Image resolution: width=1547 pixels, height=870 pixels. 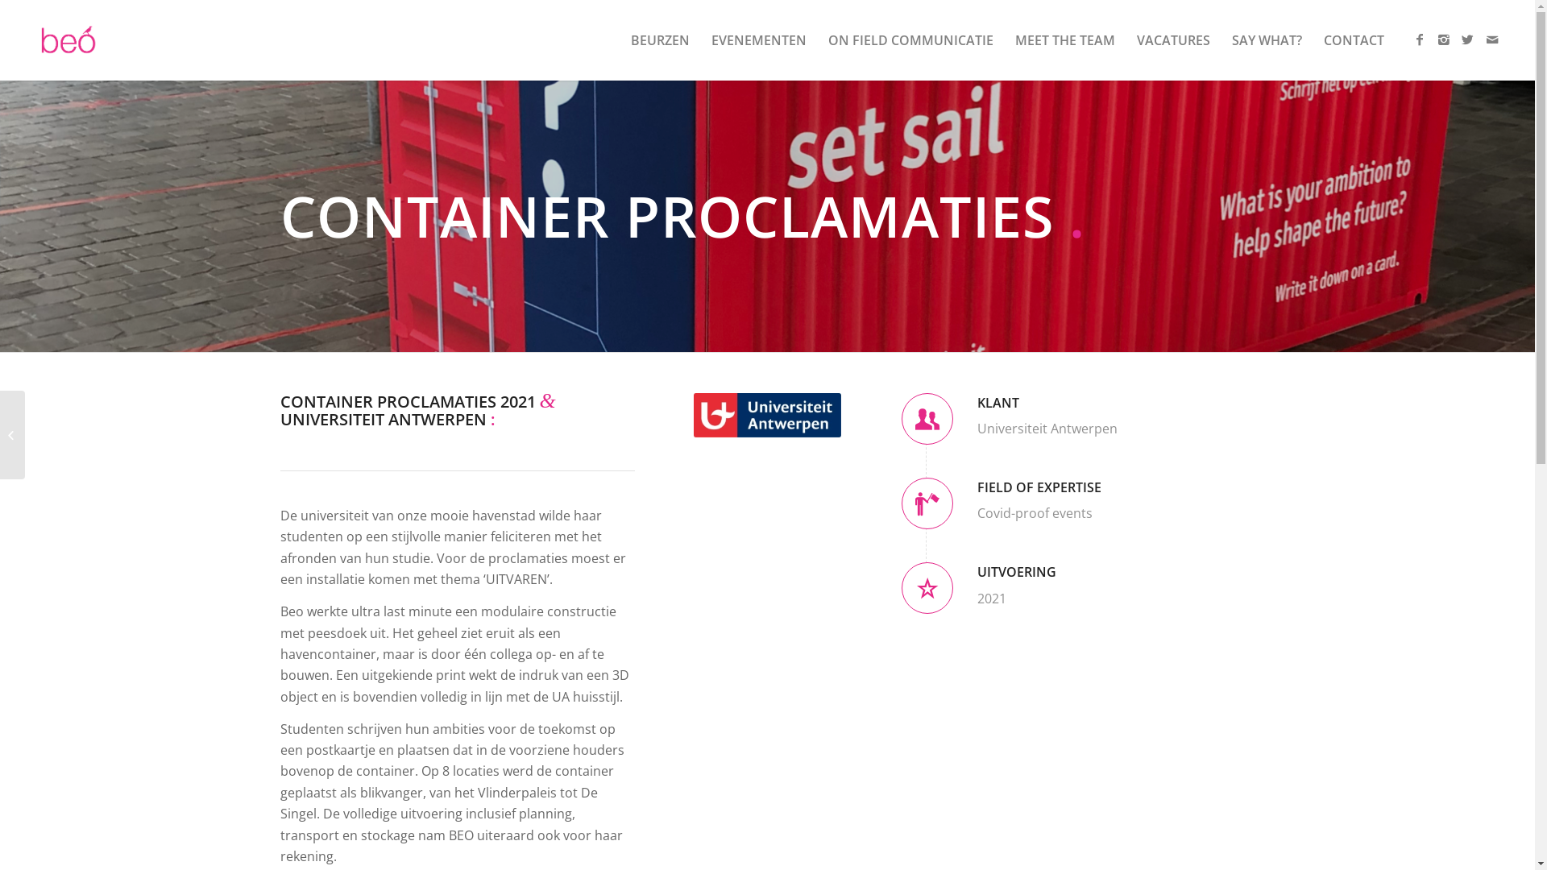 I want to click on 'VACATURES', so click(x=1172, y=39).